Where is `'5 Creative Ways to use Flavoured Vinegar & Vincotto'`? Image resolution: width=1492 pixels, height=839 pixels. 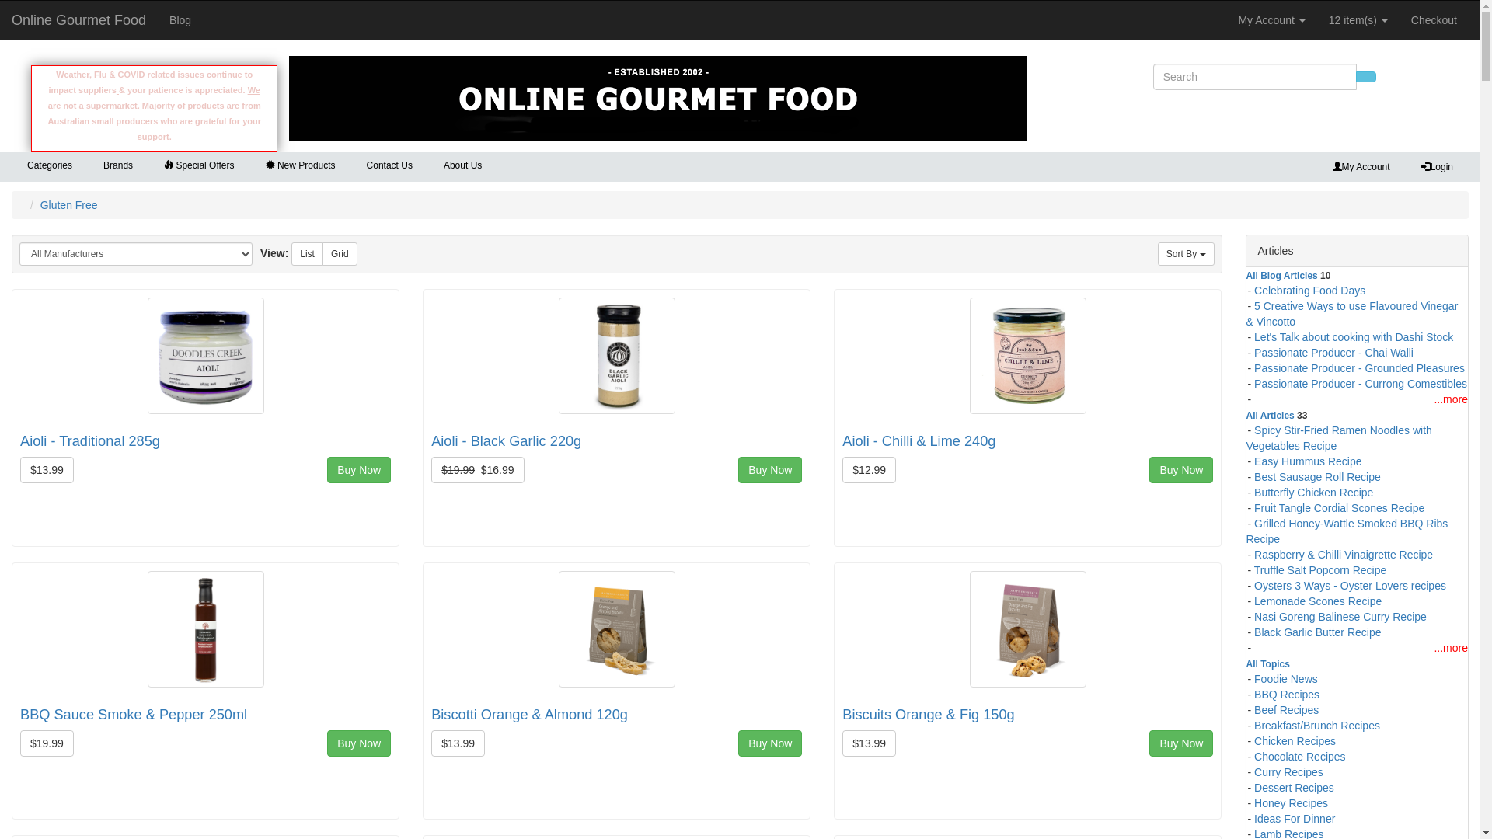 '5 Creative Ways to use Flavoured Vinegar & Vincotto' is located at coordinates (1351, 312).